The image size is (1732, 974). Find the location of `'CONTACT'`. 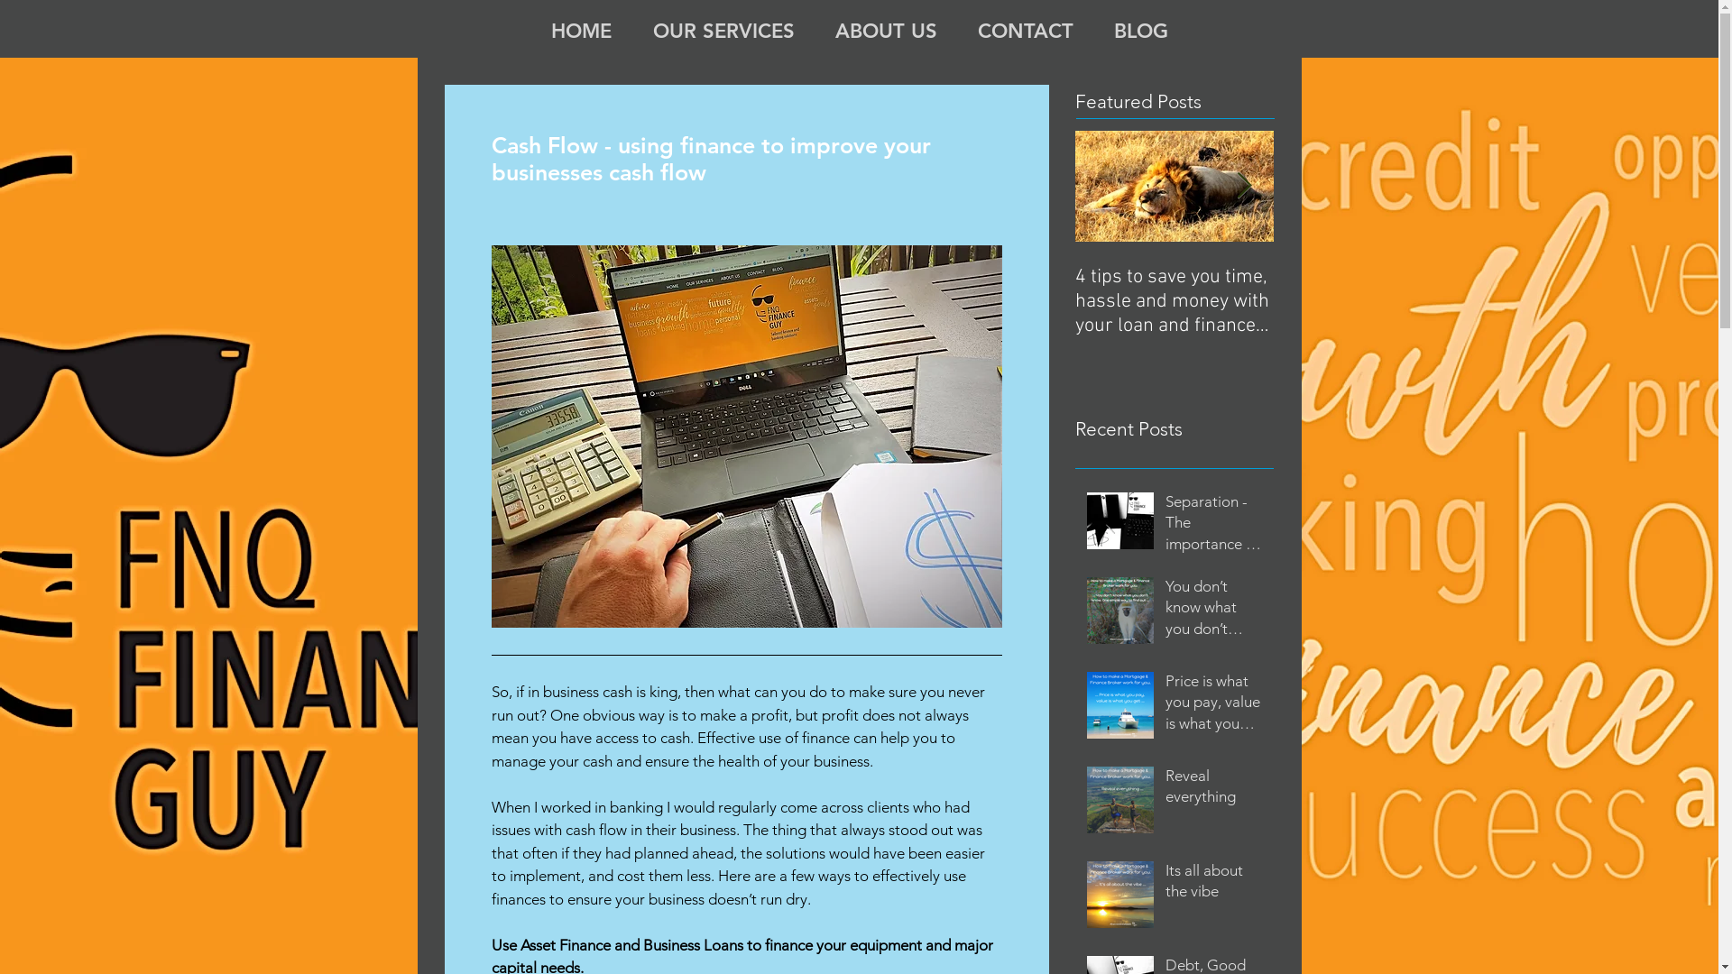

'CONTACT' is located at coordinates (1026, 28).